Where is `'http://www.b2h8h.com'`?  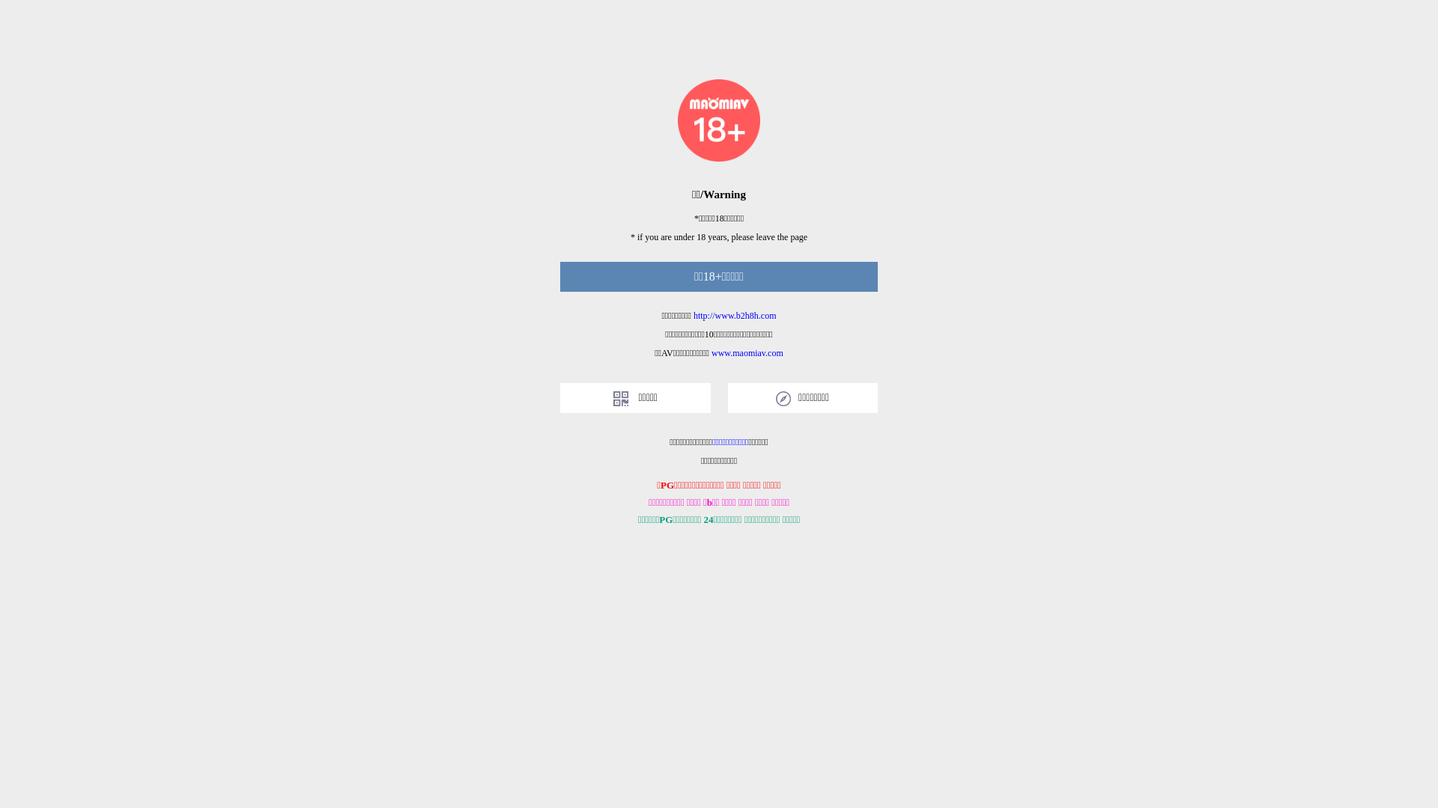
'http://www.b2h8h.com' is located at coordinates (735, 314).